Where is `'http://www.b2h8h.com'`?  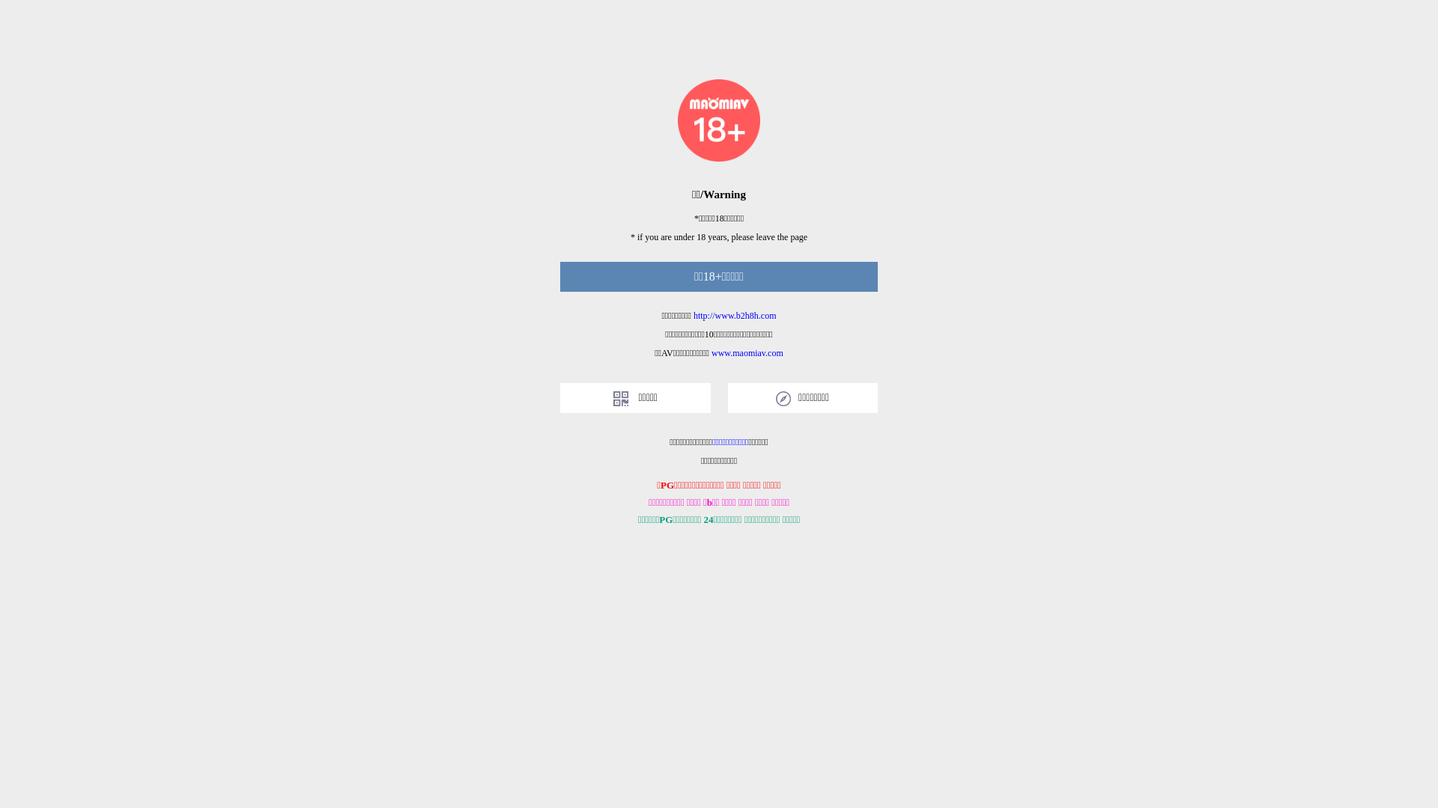
'http://www.b2h8h.com' is located at coordinates (735, 314).